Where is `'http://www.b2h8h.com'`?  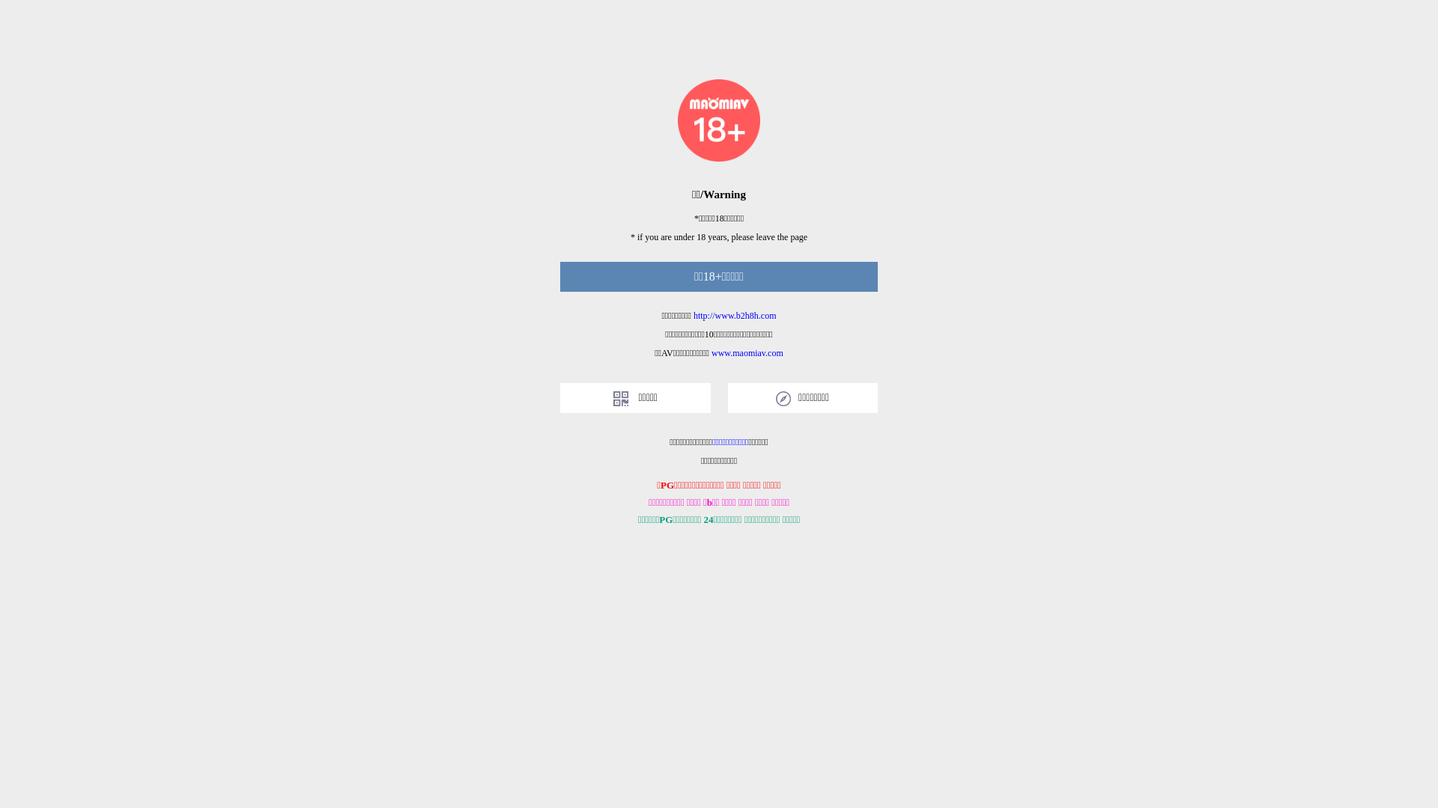
'http://www.b2h8h.com' is located at coordinates (735, 314).